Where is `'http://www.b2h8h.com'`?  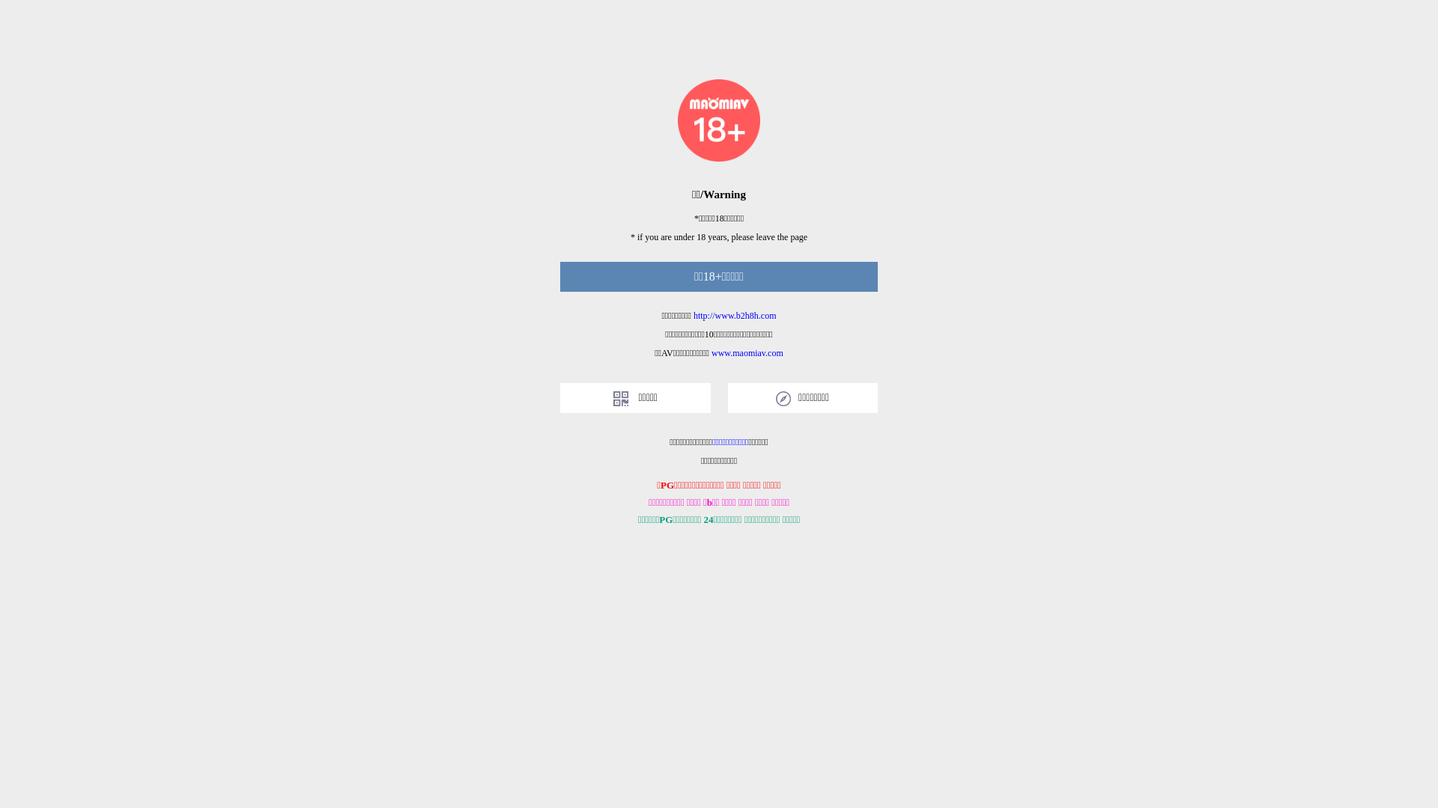
'http://www.b2h8h.com' is located at coordinates (735, 314).